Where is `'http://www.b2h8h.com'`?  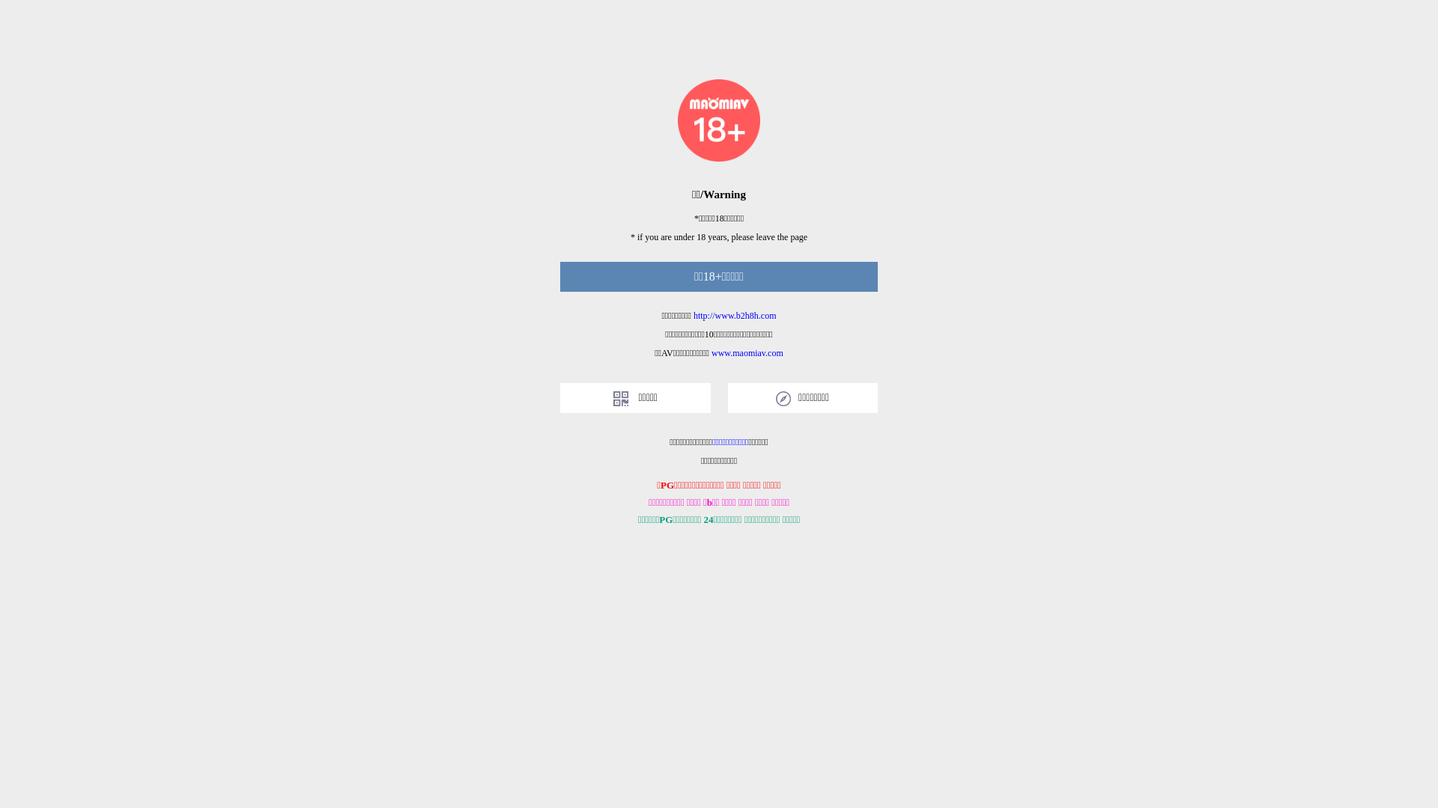
'http://www.b2h8h.com' is located at coordinates (735, 314).